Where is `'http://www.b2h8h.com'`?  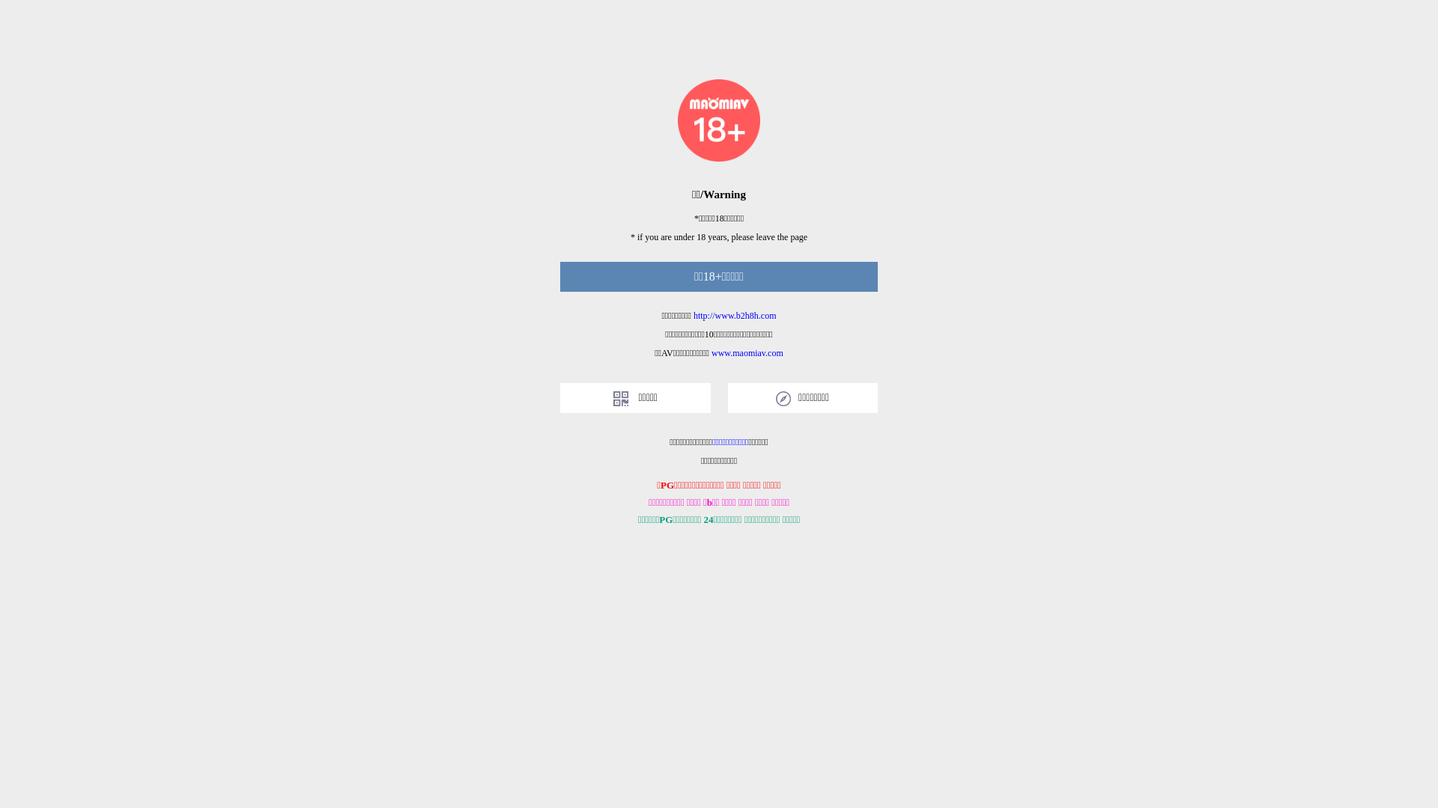
'http://www.b2h8h.com' is located at coordinates (735, 314).